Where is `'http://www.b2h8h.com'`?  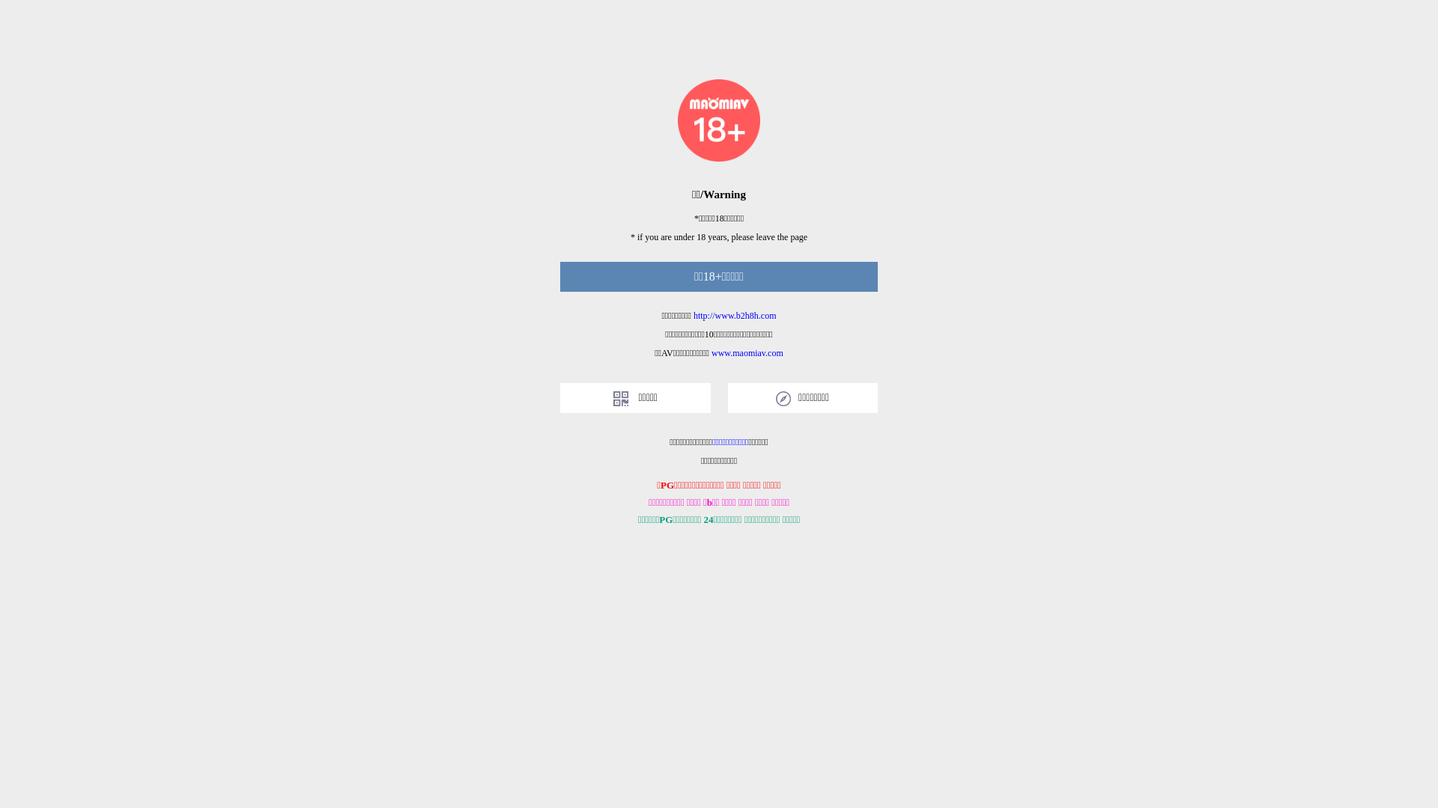
'http://www.b2h8h.com' is located at coordinates (735, 314).